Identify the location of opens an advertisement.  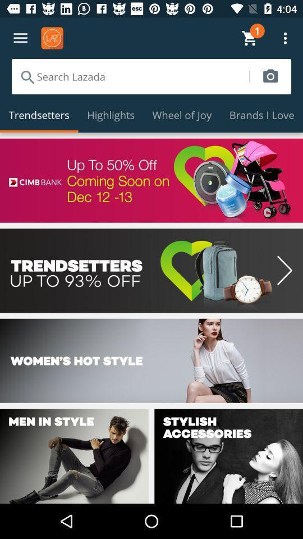
(151, 180).